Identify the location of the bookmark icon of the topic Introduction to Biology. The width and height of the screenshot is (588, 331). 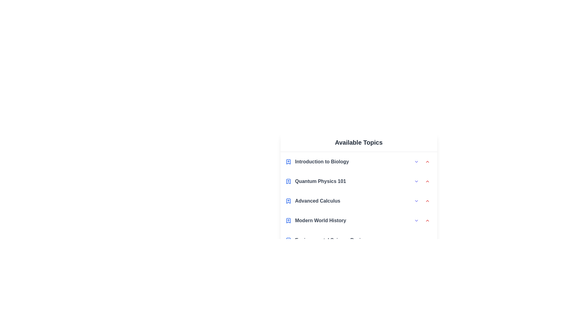
(288, 162).